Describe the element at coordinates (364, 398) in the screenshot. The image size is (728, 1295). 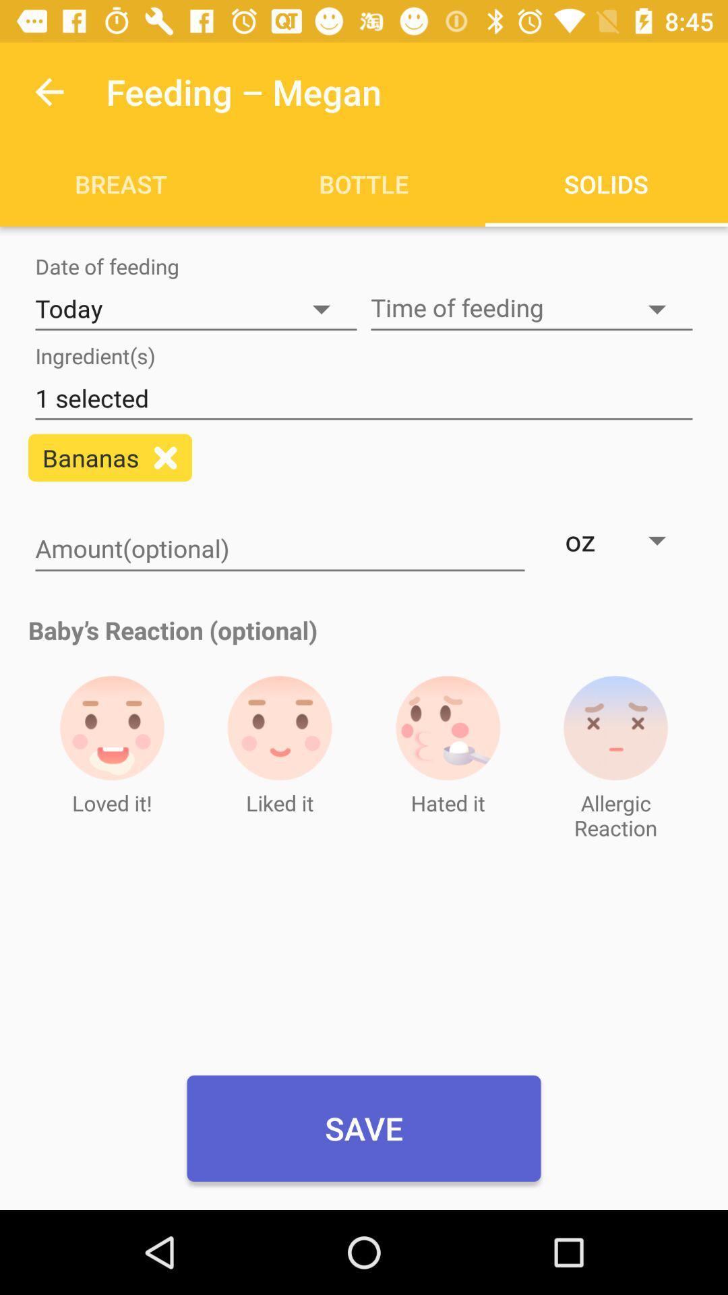
I see `1 selected item` at that location.